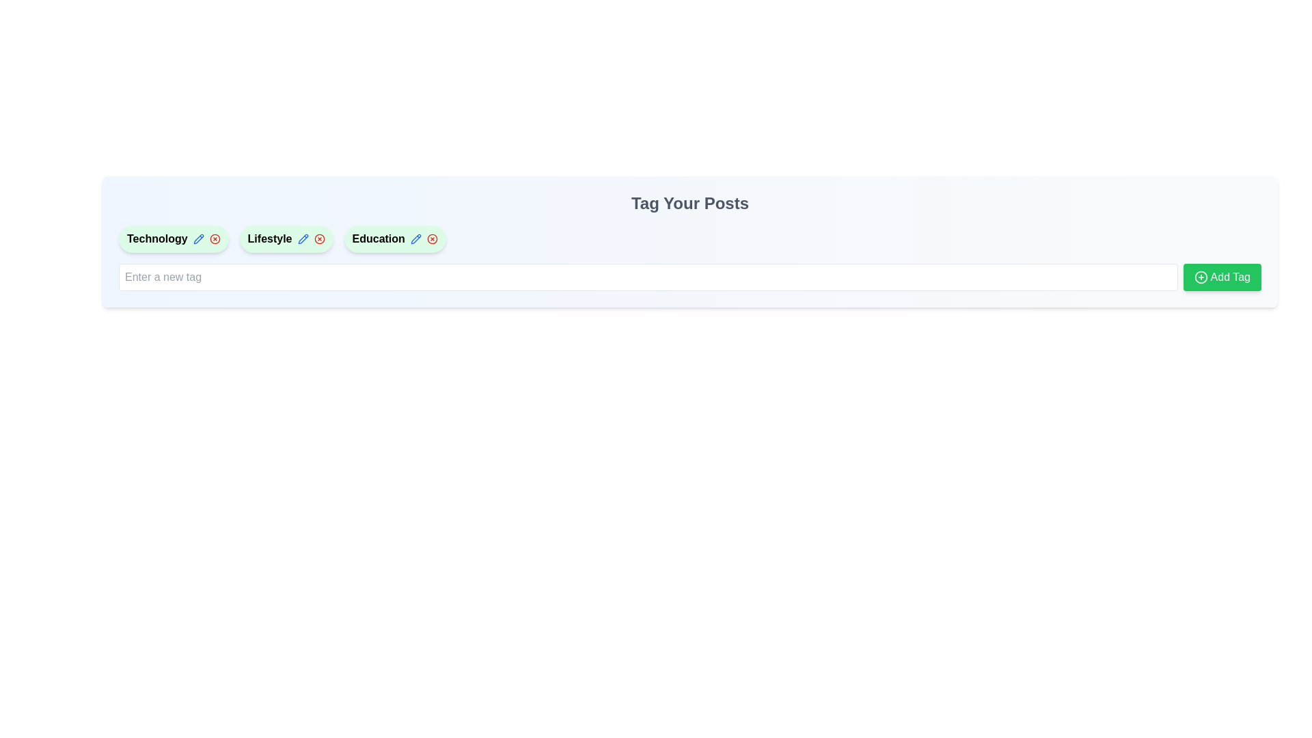 This screenshot has height=738, width=1312. Describe the element at coordinates (214, 238) in the screenshot. I see `the icon button located at the far right of the 'Technology' tag in the 'Tag Your Posts' section` at that location.